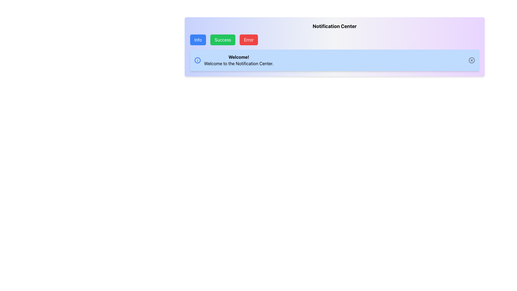 This screenshot has height=291, width=517. I want to click on the dismissal button of the blue notification bar, so click(471, 60).